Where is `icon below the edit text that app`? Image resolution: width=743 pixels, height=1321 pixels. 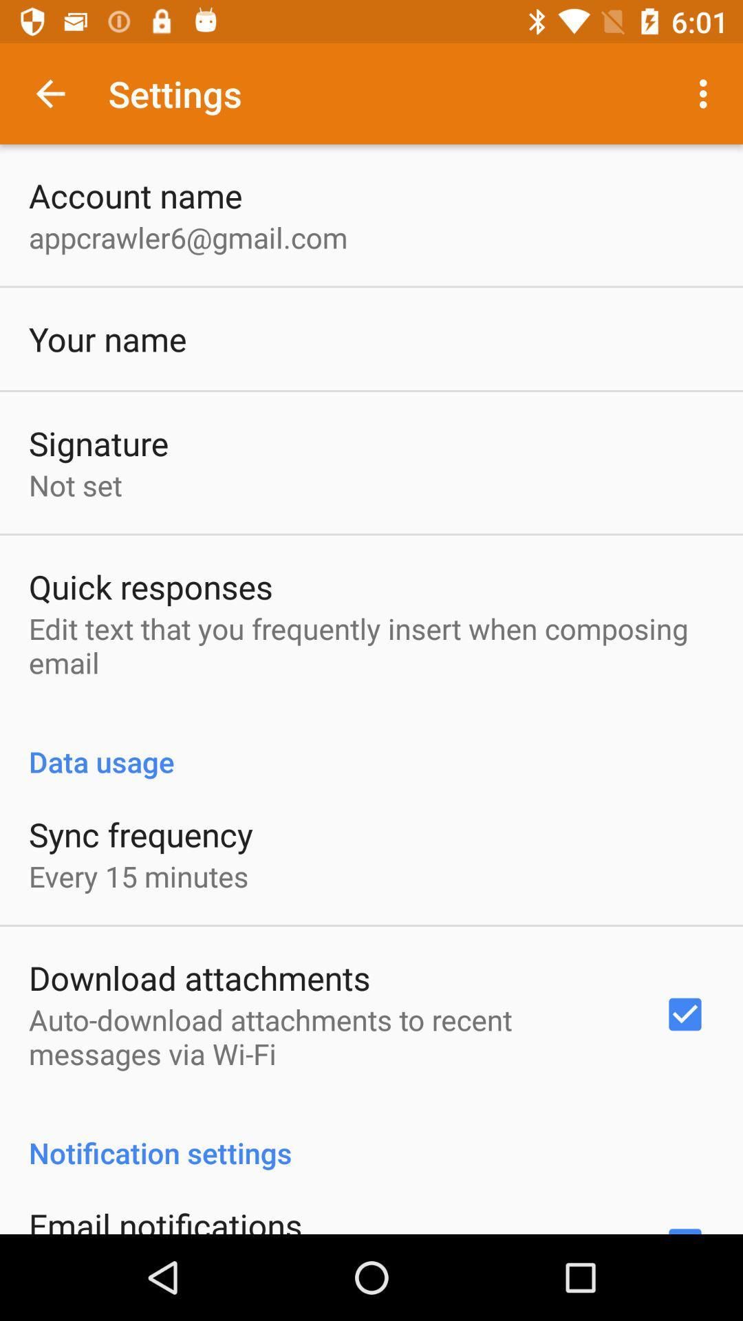 icon below the edit text that app is located at coordinates (371, 746).